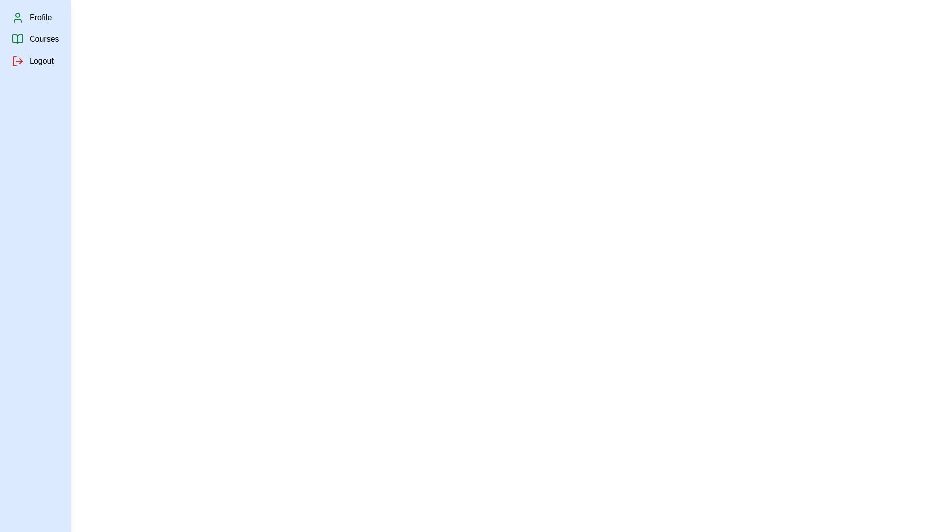 This screenshot has height=532, width=946. What do you see at coordinates (43, 39) in the screenshot?
I see `the 'Courses' menu item` at bounding box center [43, 39].